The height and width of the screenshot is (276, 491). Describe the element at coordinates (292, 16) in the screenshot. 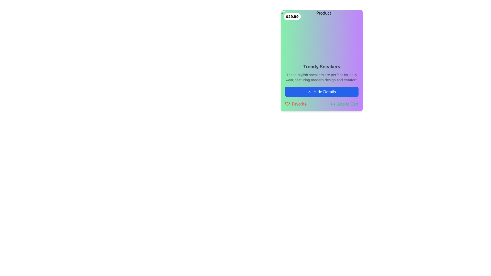

I see `the static label displaying the price '$29.99' with a black bold font on a white background, located at the top-left corner of the gradient card interface` at that location.